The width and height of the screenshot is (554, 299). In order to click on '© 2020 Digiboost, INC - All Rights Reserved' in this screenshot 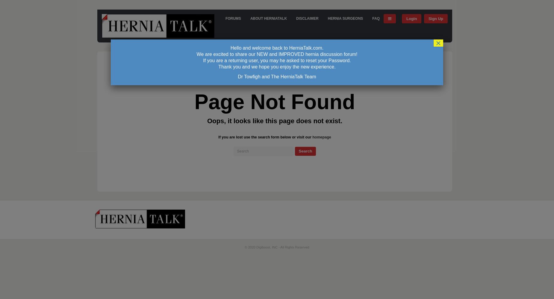, I will do `click(277, 247)`.